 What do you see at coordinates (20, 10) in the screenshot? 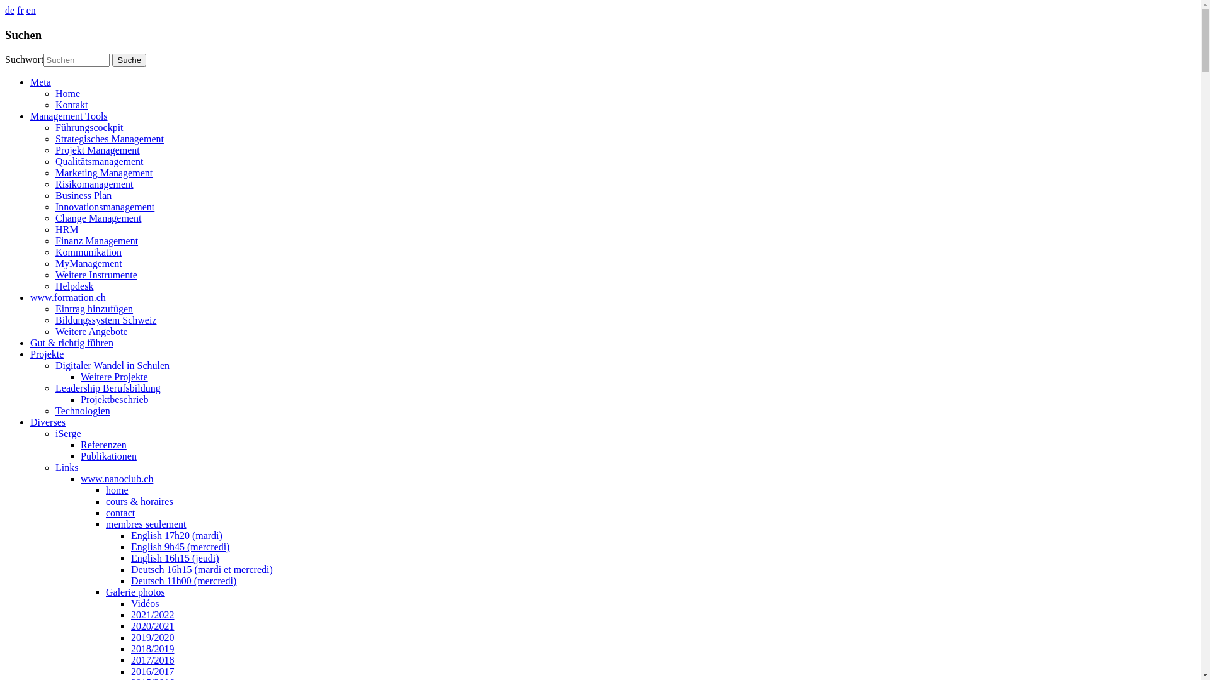
I see `'fr'` at bounding box center [20, 10].